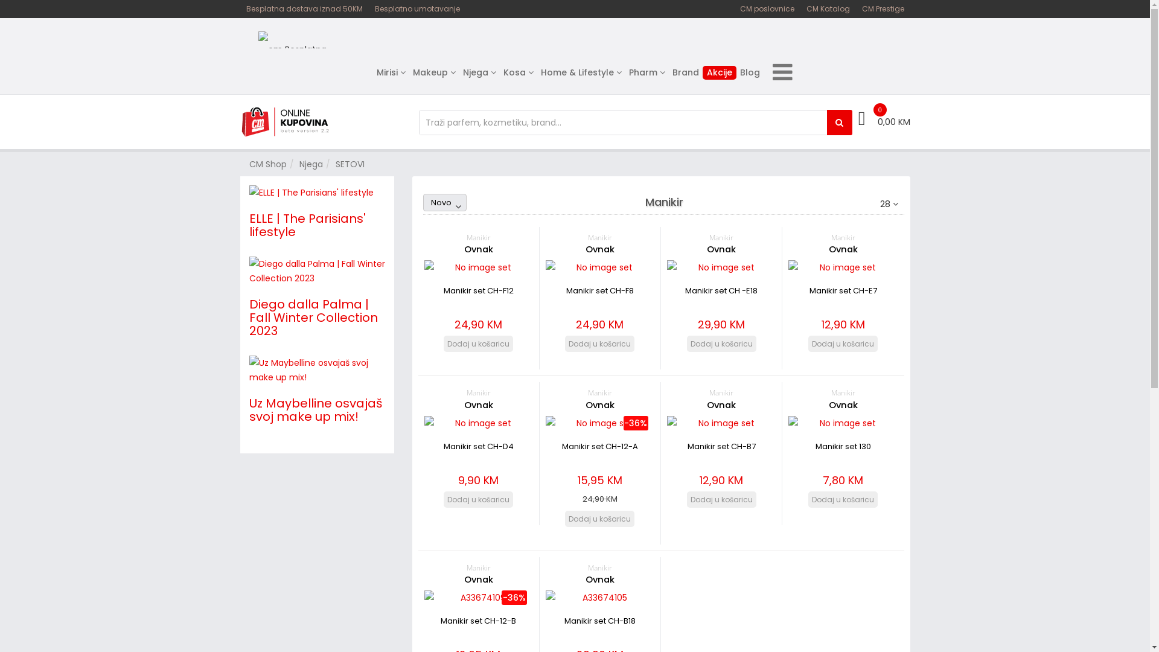  I want to click on 'Manikir set CH-F12', so click(477, 290).